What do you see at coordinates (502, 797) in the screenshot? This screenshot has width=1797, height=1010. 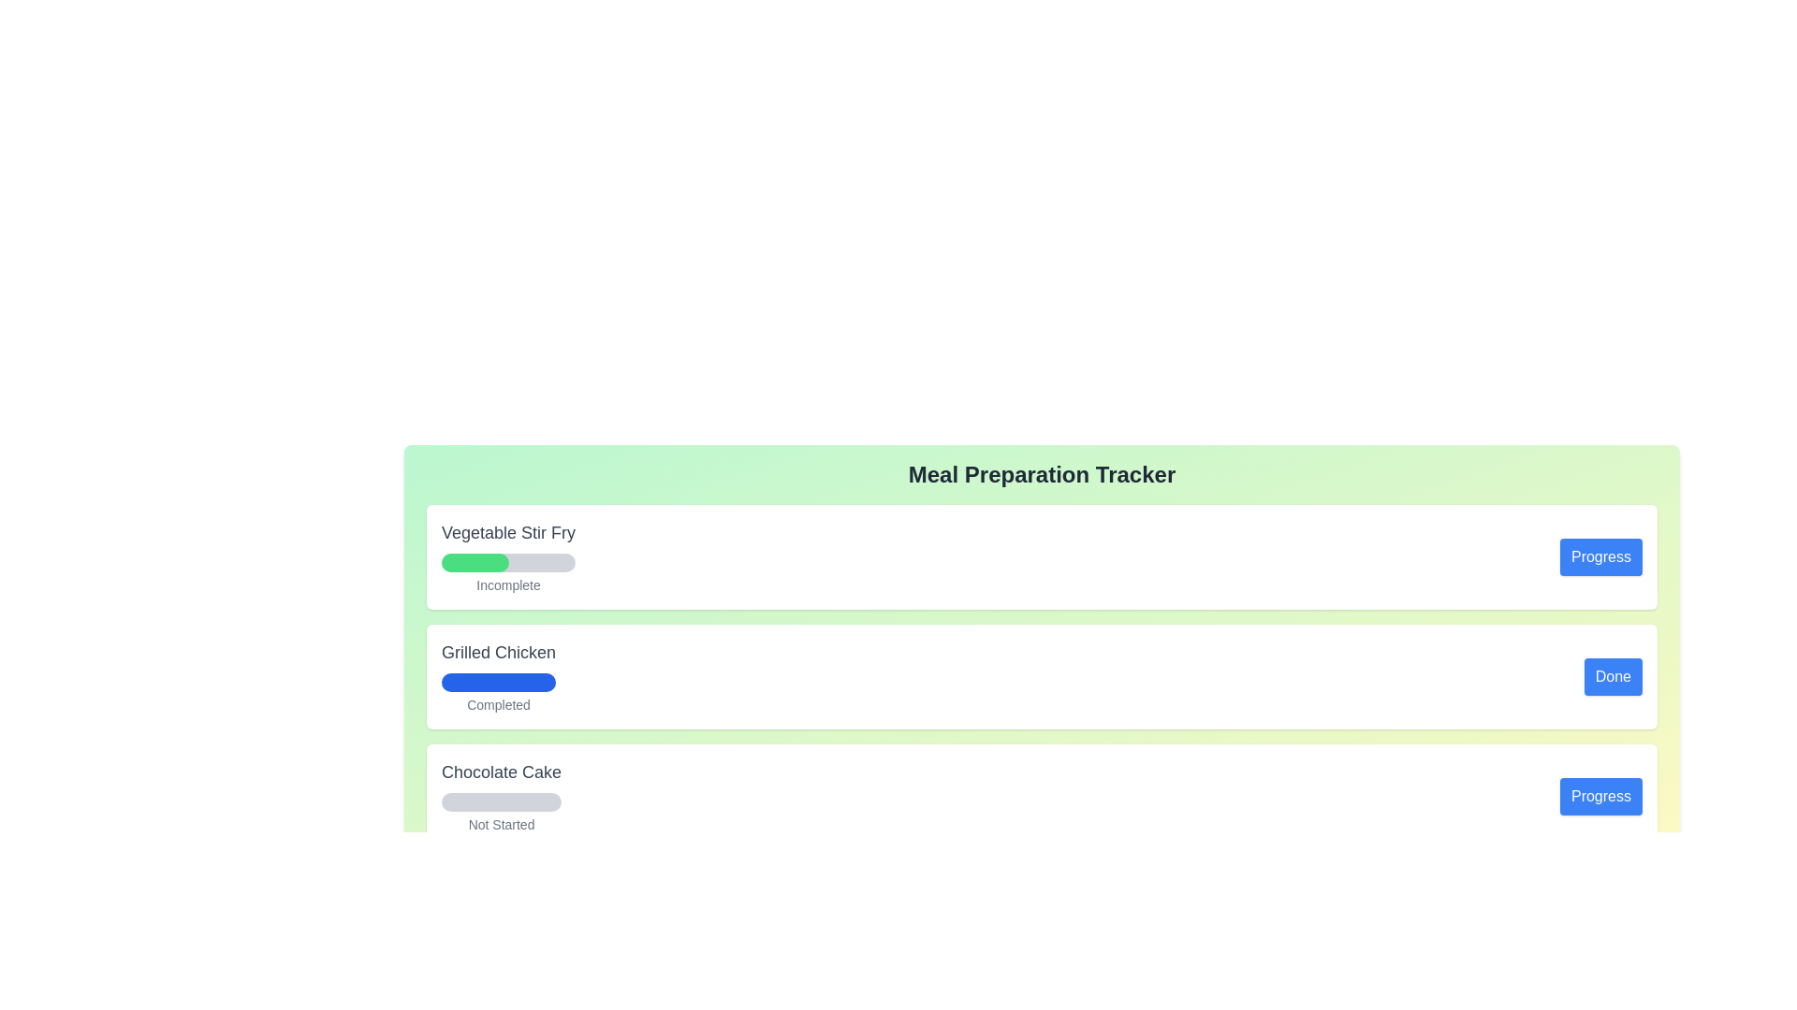 I see `displayed text on the Status display component for 'Chocolate Cake' which shows 'Not Started' below the progress bar` at bounding box center [502, 797].